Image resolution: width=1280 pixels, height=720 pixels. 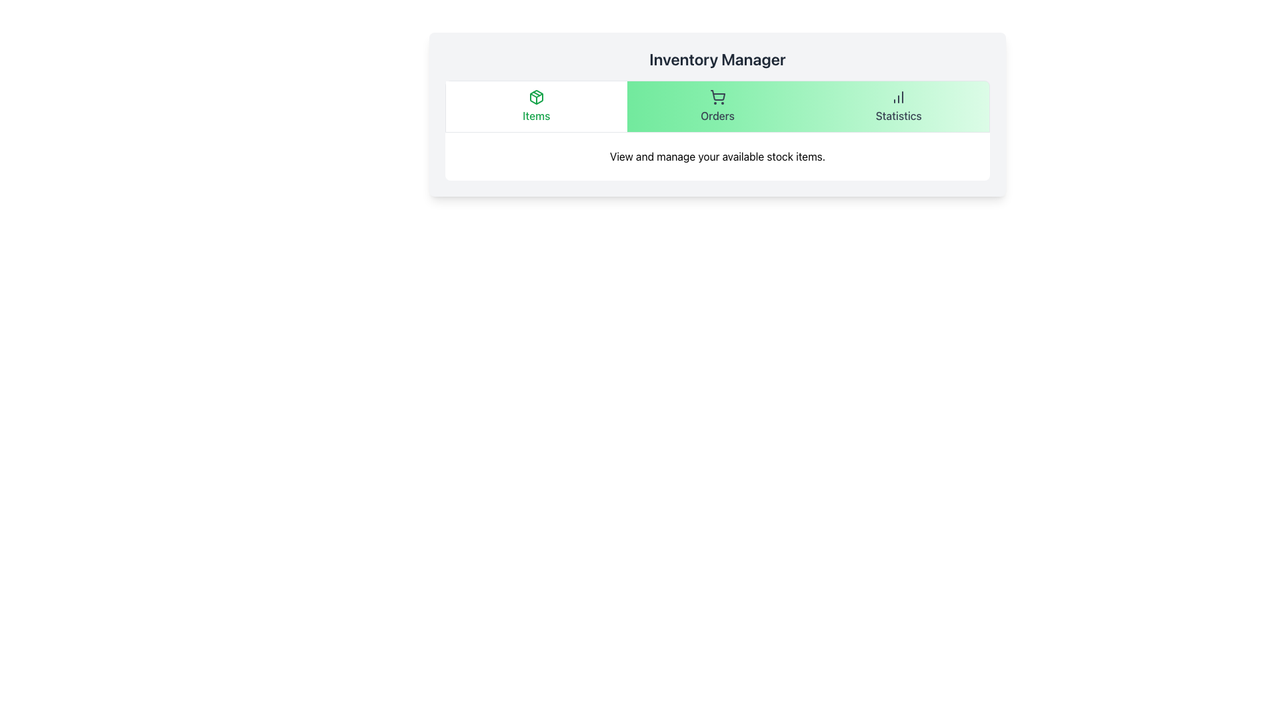 What do you see at coordinates (899, 115) in the screenshot?
I see `the navigation text label located to the right of the 'Orders' label in the navigation bar` at bounding box center [899, 115].